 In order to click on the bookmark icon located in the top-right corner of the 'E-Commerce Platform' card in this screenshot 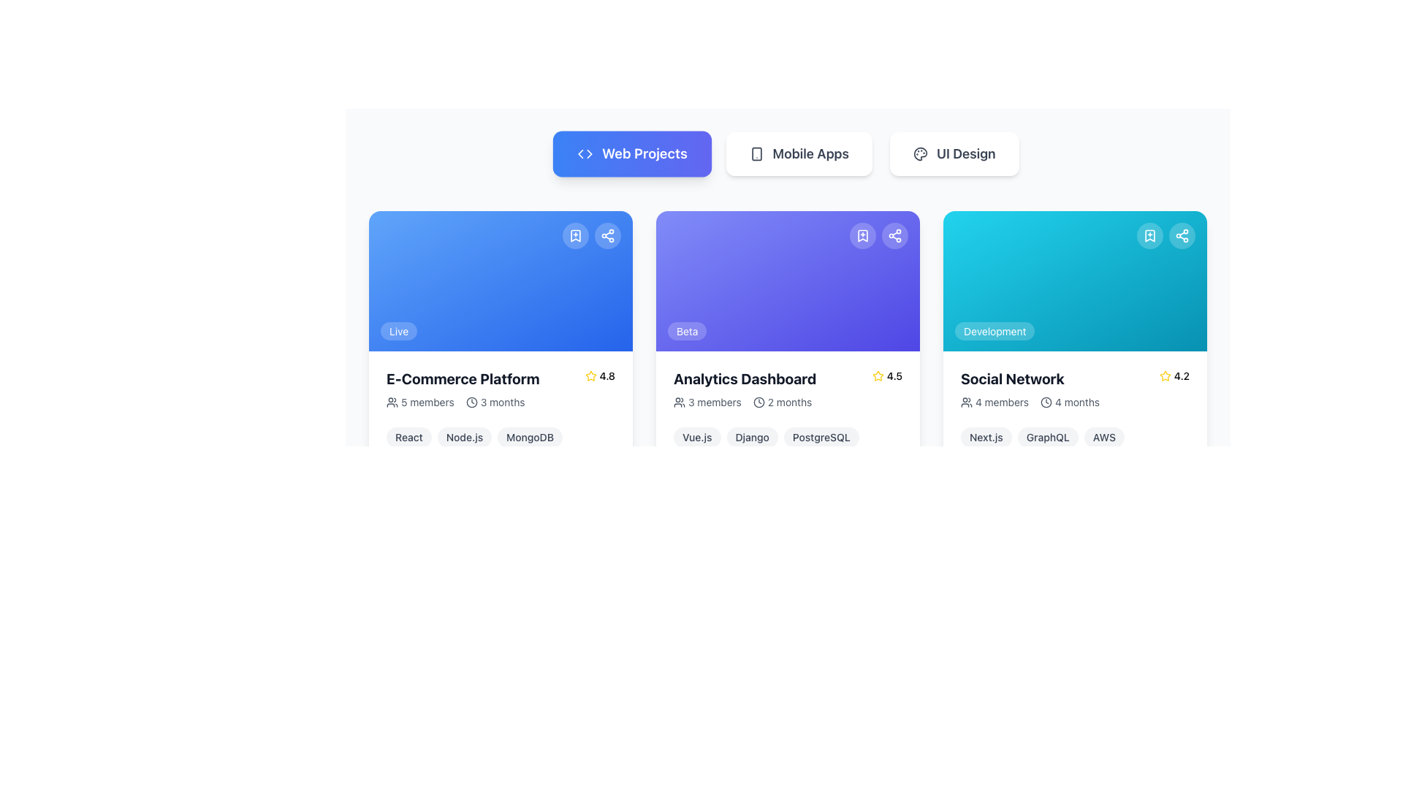, I will do `click(574, 235)`.